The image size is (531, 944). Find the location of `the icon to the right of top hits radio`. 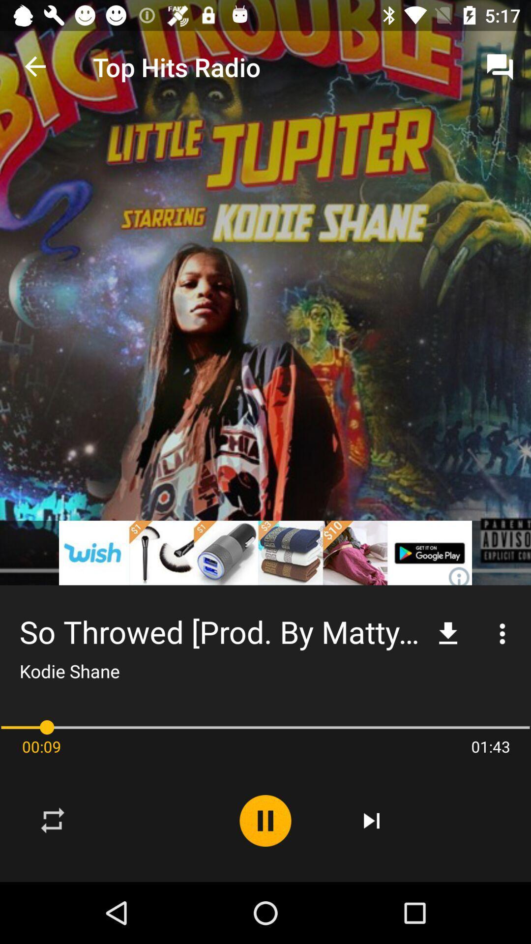

the icon to the right of top hits radio is located at coordinates (500, 66).